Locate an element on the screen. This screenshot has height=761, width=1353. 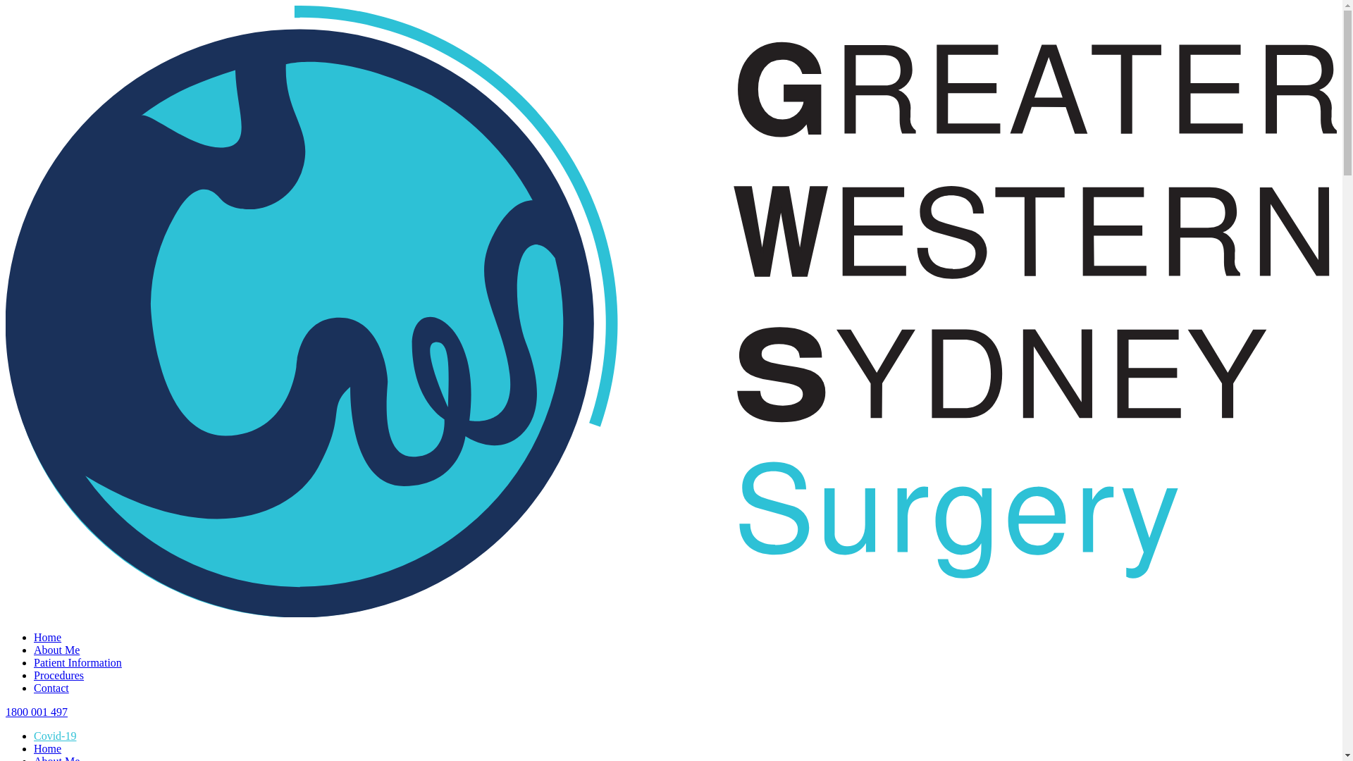
'Covid-19' is located at coordinates (54, 735).